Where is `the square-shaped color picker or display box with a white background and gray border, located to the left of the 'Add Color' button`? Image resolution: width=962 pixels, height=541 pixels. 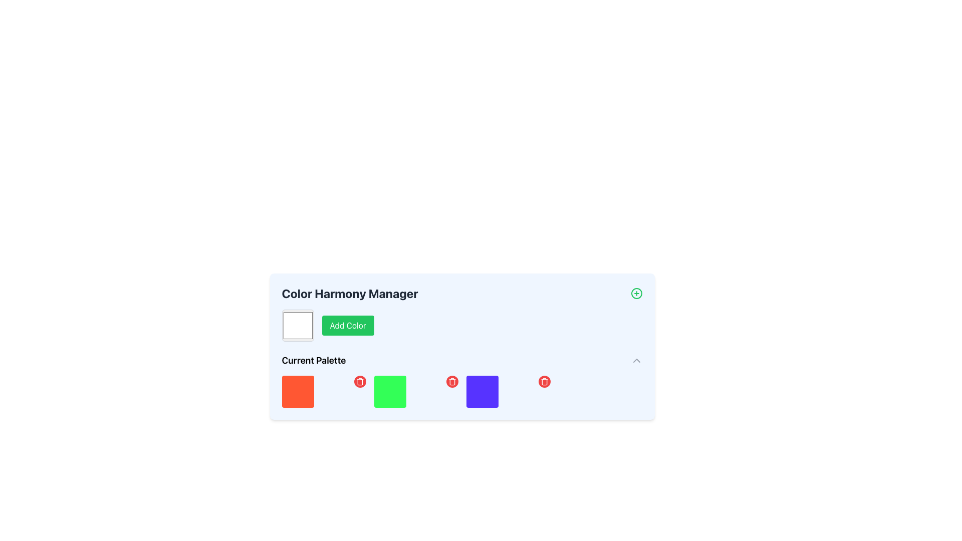 the square-shaped color picker or display box with a white background and gray border, located to the left of the 'Add Color' button is located at coordinates (297, 326).